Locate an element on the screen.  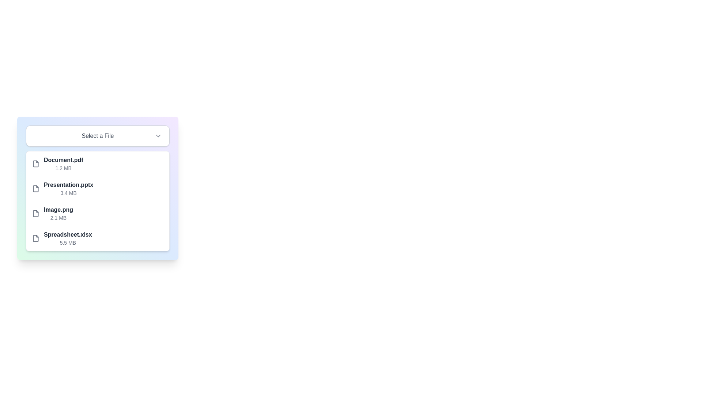
the second list item indicating the file titled 'Presentation.pptx' is located at coordinates (68, 188).